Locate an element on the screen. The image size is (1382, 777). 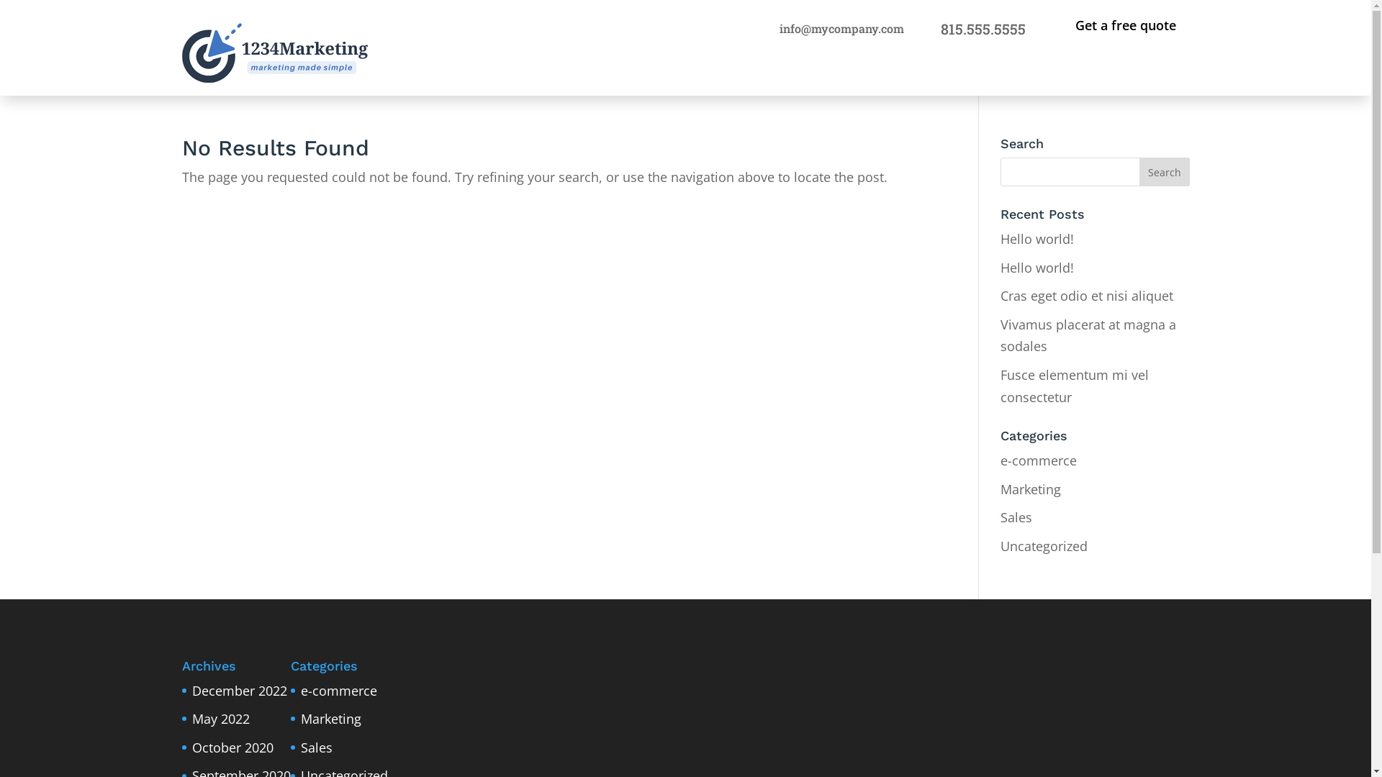
'Get a free quote' is located at coordinates (1062, 25).